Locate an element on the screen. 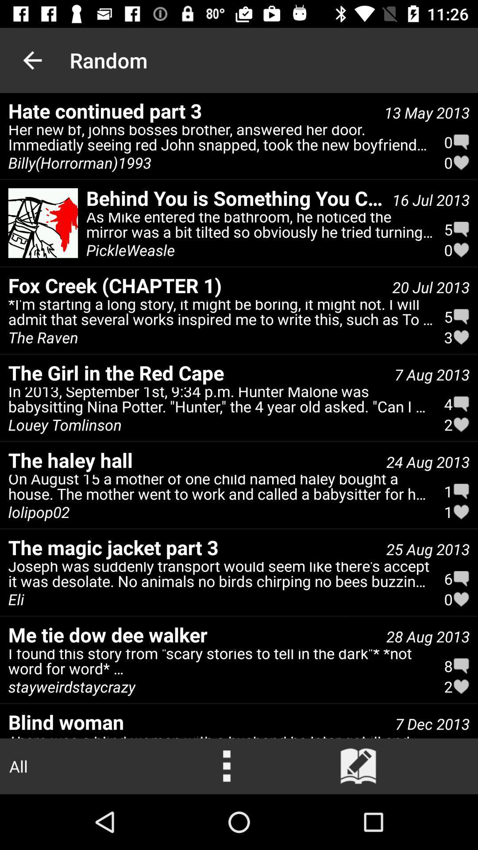  item next to 0 icon is located at coordinates (220, 140).